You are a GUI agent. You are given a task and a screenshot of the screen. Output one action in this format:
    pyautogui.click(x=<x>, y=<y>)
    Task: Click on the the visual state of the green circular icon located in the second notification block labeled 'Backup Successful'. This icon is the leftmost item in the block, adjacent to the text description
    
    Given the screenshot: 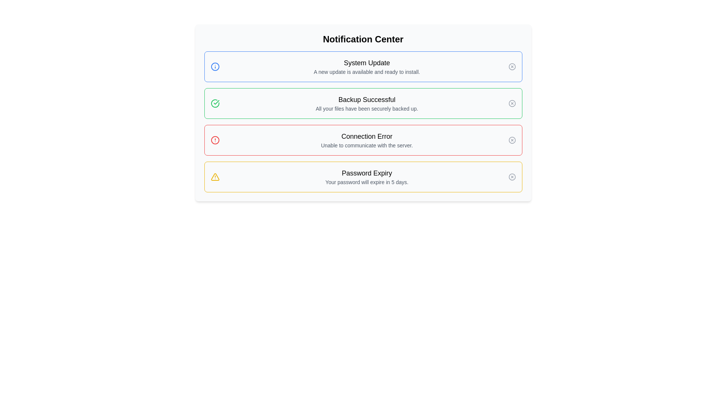 What is the action you would take?
    pyautogui.click(x=214, y=103)
    